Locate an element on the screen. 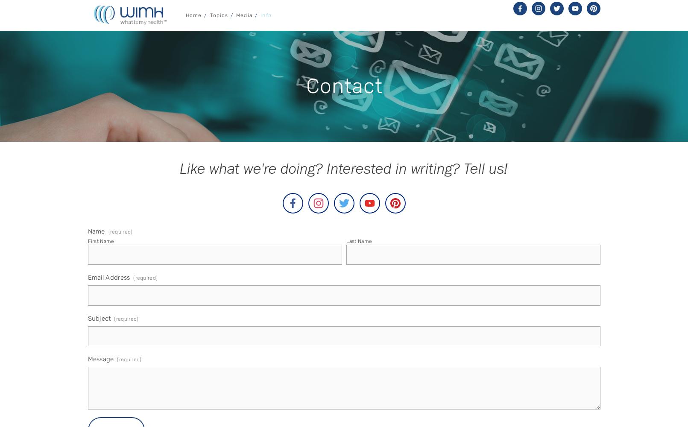 The width and height of the screenshot is (688, 427). 'Home' is located at coordinates (193, 15).